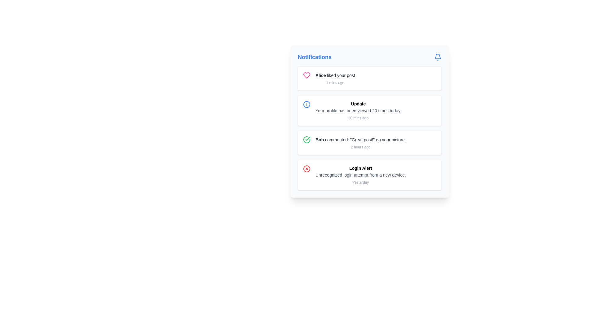  I want to click on the notification item that informs the user about recent profile views, located in the middle of the notification panel, specifically the second item in the list, so click(358, 110).